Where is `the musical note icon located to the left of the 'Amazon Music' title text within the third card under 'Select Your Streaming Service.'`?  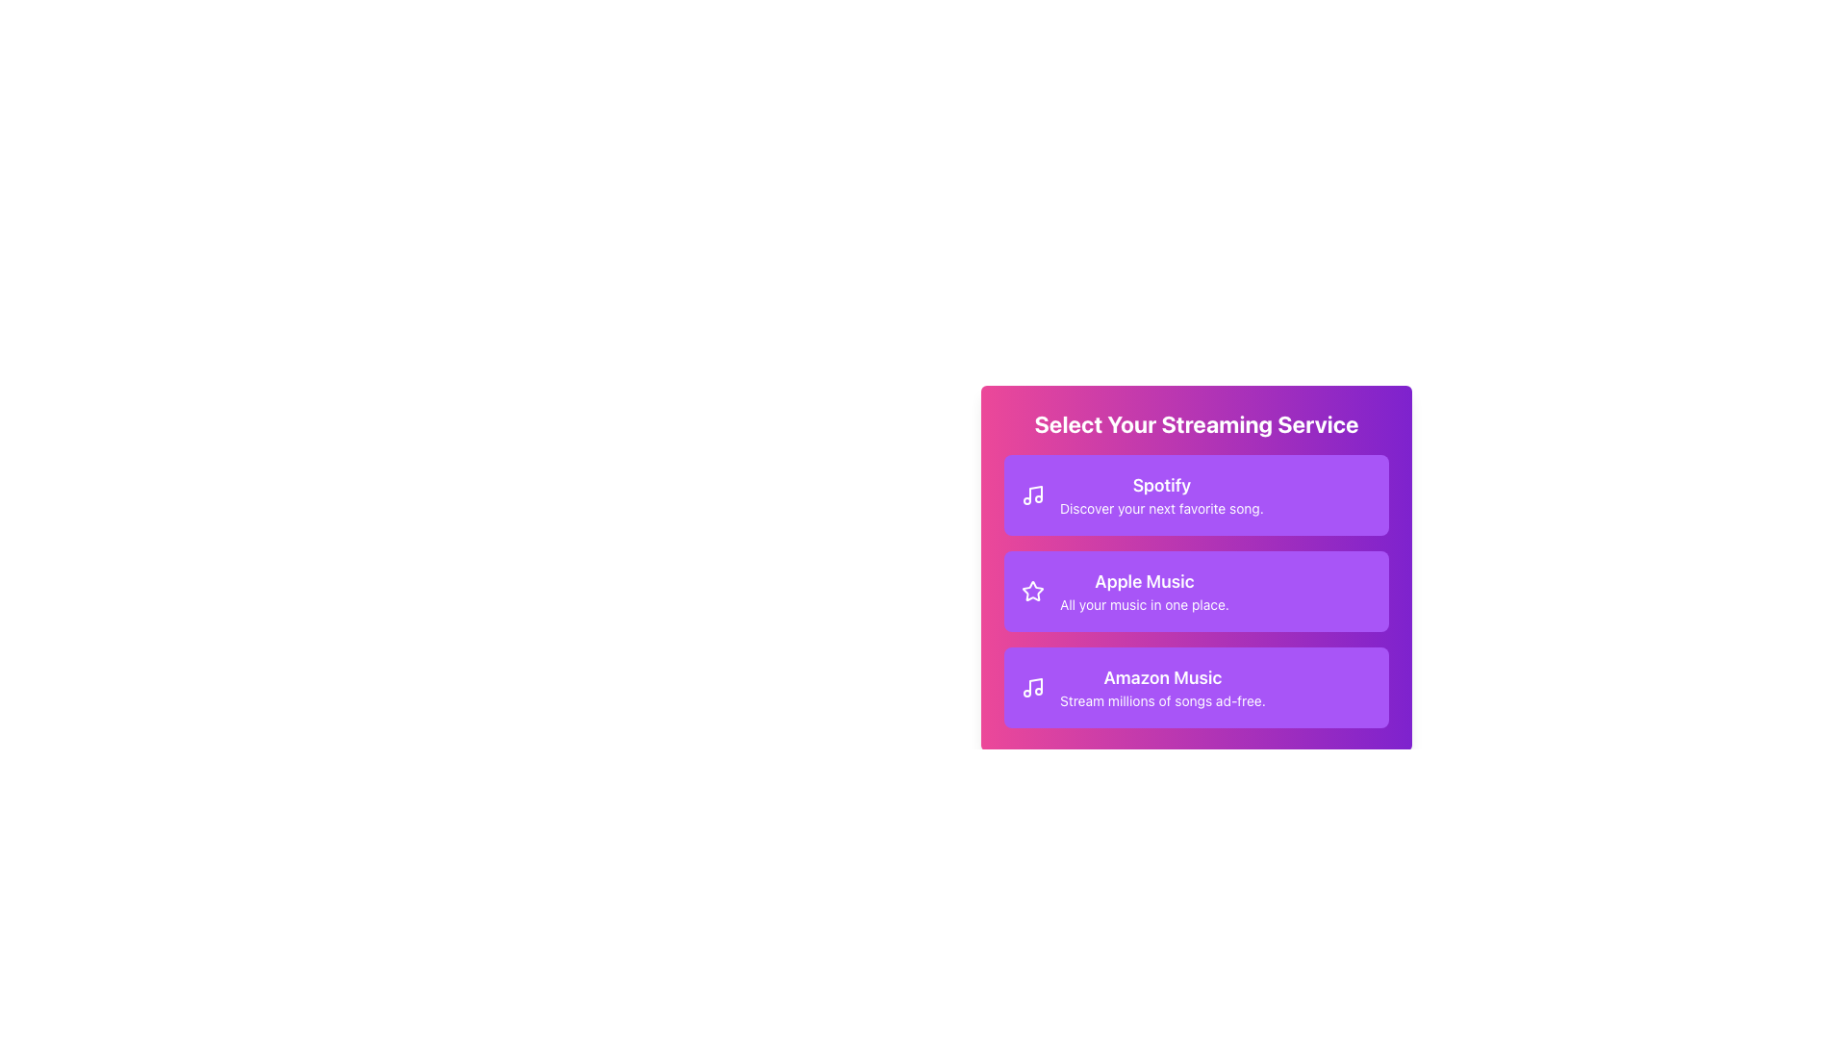 the musical note icon located to the left of the 'Amazon Music' title text within the third card under 'Select Your Streaming Service.' is located at coordinates (1032, 686).